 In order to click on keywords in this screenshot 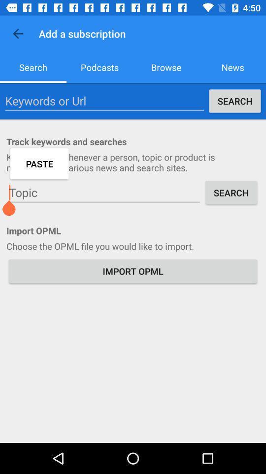, I will do `click(104, 101)`.